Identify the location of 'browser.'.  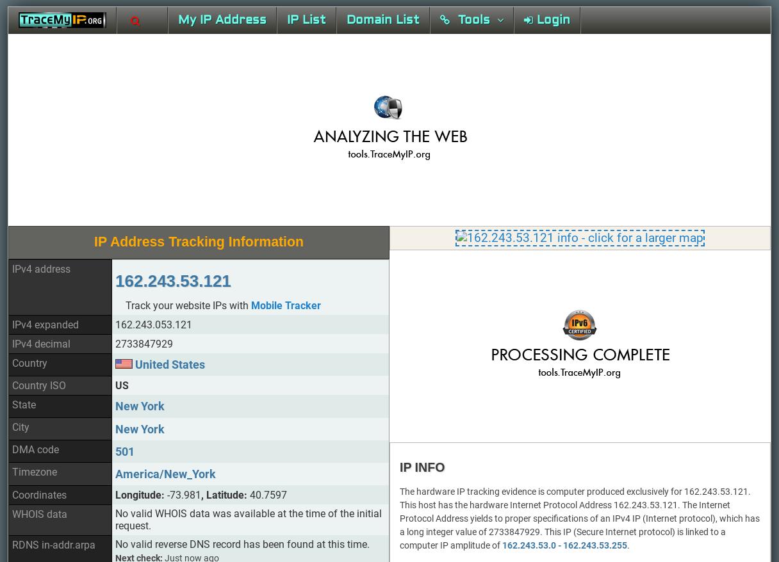
(630, 256).